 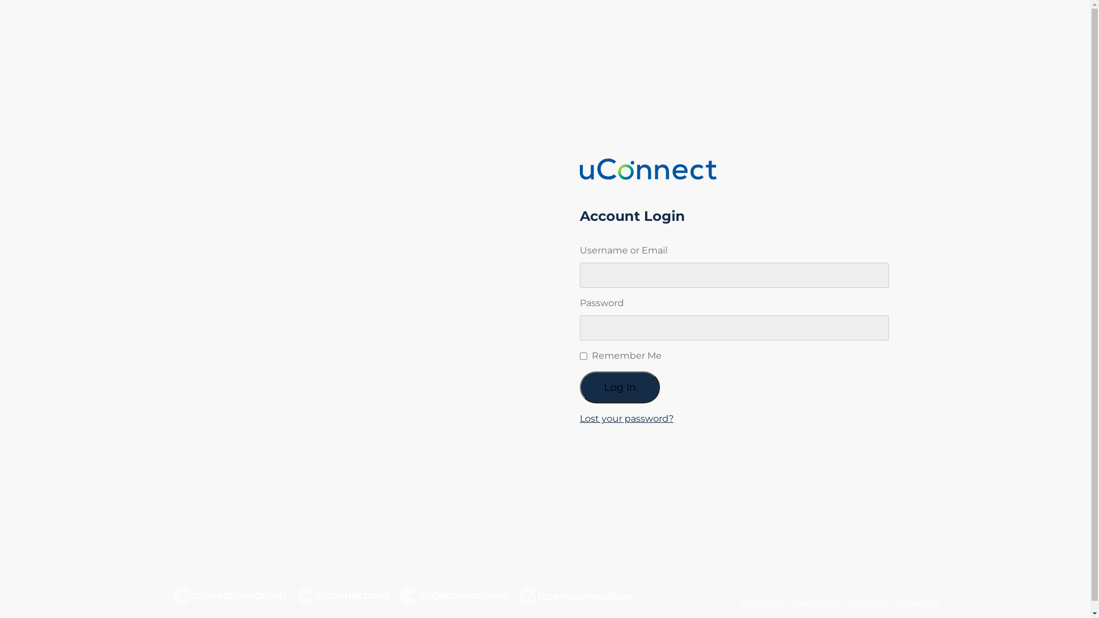 I want to click on 'Lost your password?', so click(x=626, y=418).